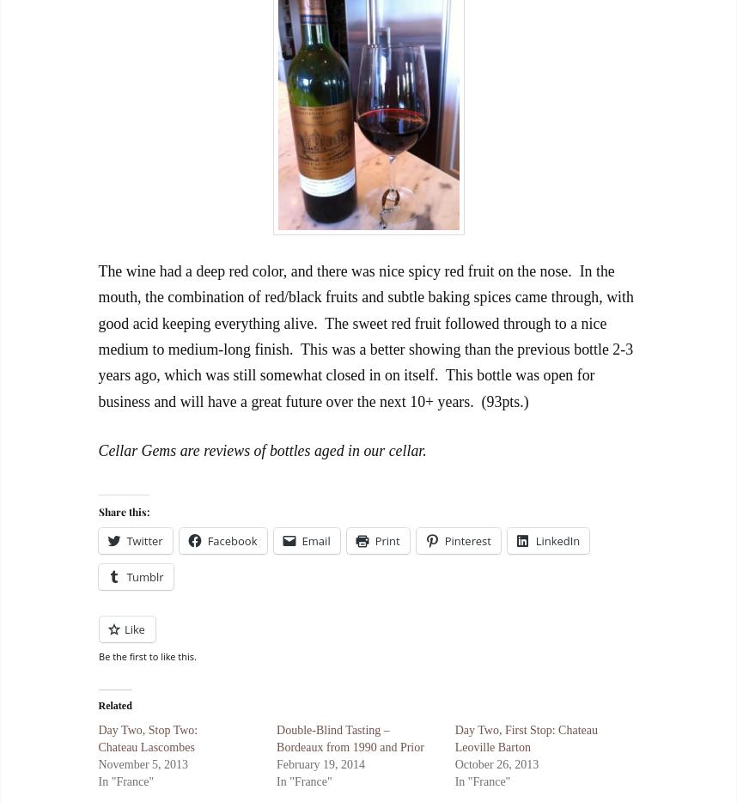  Describe the element at coordinates (534, 540) in the screenshot. I see `'LinkedIn'` at that location.